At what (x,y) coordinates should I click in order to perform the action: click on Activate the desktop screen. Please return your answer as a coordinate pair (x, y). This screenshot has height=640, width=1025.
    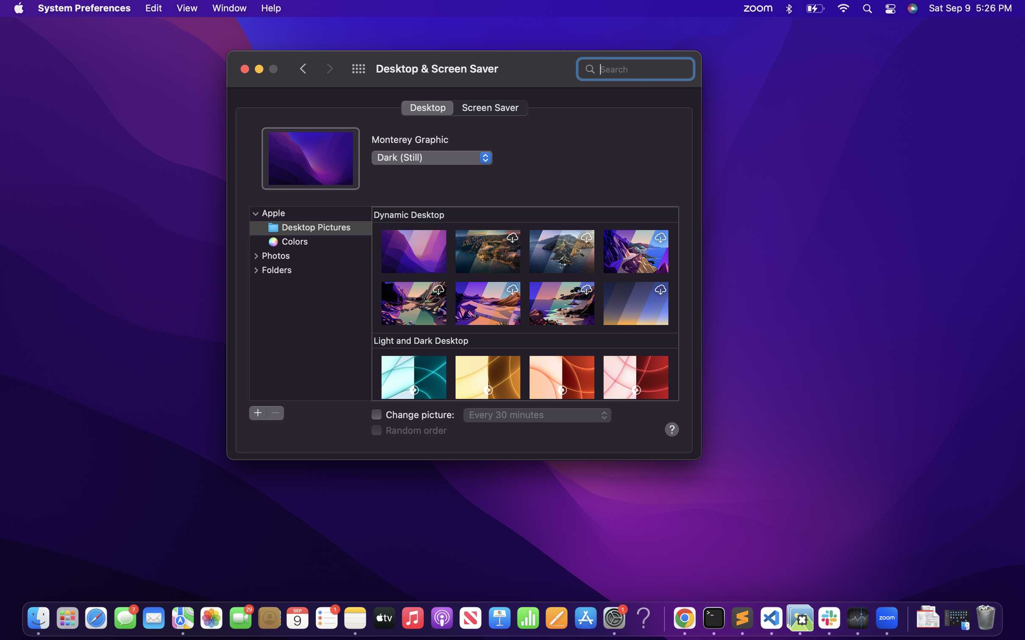
    Looking at the image, I should click on (427, 107).